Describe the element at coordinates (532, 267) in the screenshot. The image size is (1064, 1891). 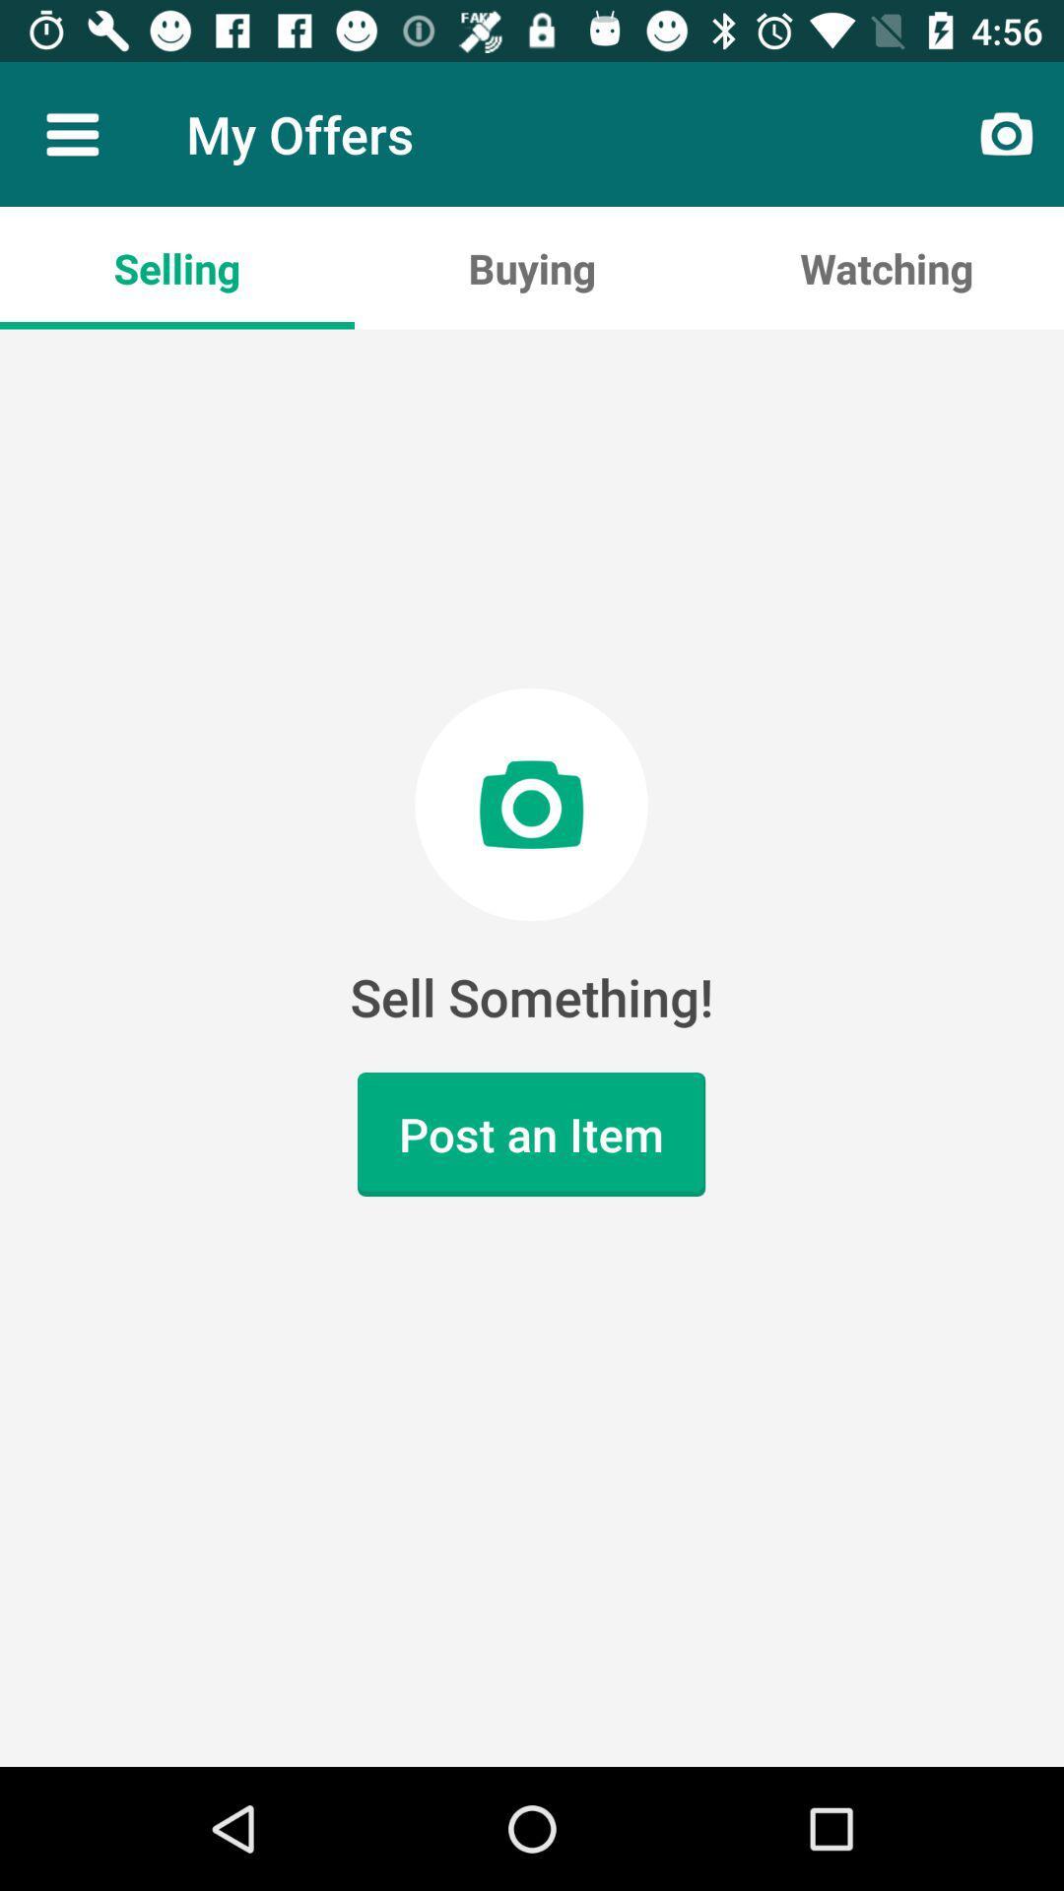
I see `item below my offers icon` at that location.